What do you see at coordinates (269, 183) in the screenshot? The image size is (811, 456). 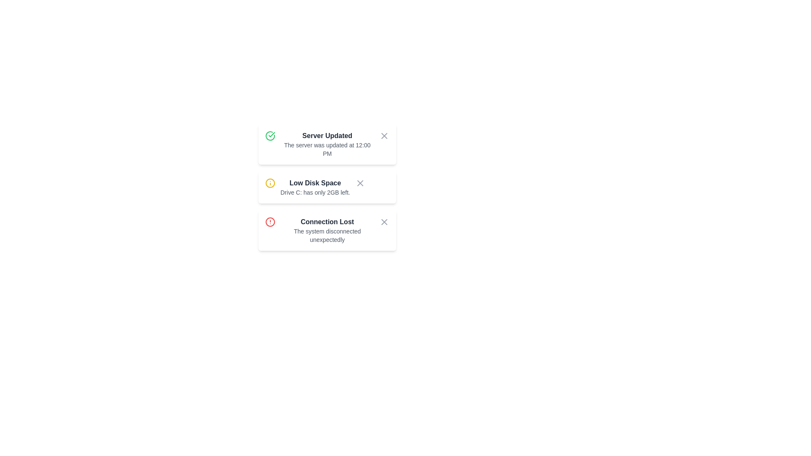 I see `the circular icon with a yellow outline and an exclamation point, located to the left of the 'Low Disk Space' notification` at bounding box center [269, 183].